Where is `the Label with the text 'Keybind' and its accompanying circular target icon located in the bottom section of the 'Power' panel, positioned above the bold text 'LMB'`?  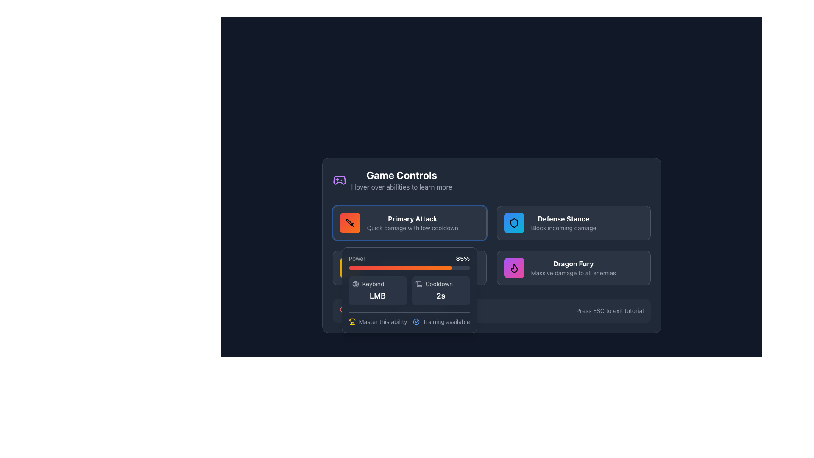 the Label with the text 'Keybind' and its accompanying circular target icon located in the bottom section of the 'Power' panel, positioned above the bold text 'LMB' is located at coordinates (377, 284).